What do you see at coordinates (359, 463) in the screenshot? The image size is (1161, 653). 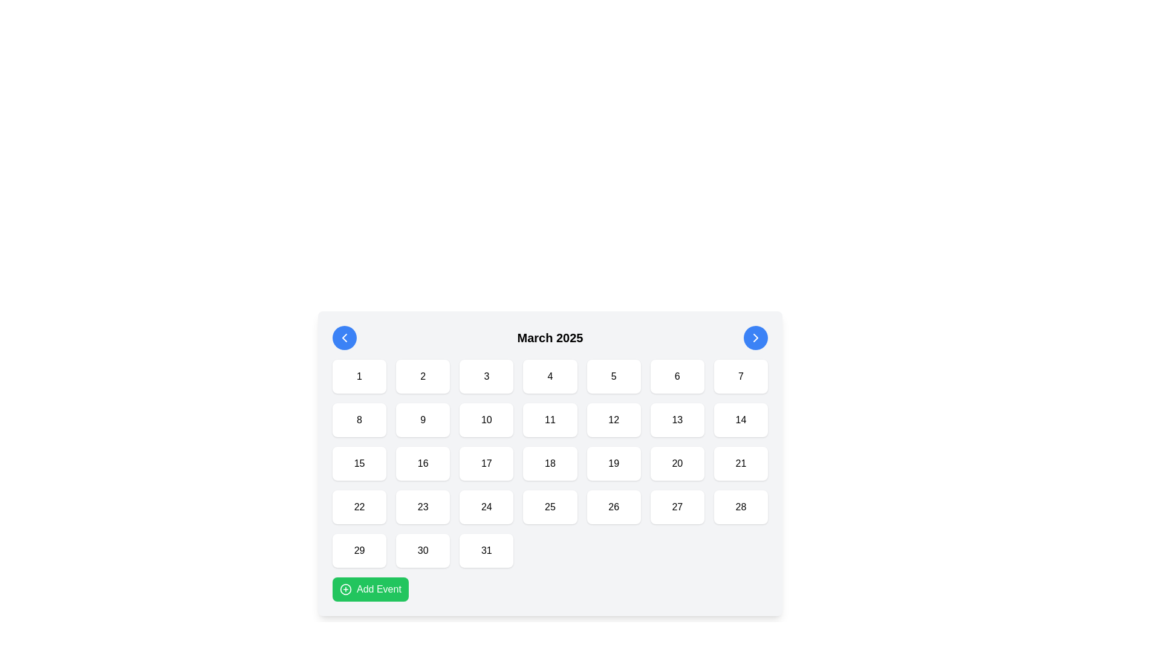 I see `the rectangular button labeled '15' with a white background and blue hover outline, located in the third row and first column of the calendar grid` at bounding box center [359, 463].